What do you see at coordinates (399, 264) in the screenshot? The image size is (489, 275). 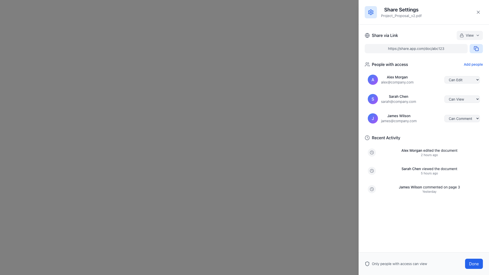 I see `the informational text element regarding access permissions, which is located near the bottom-right corner of the interface, adjacent to a shield icon and above the 'Done' button` at bounding box center [399, 264].